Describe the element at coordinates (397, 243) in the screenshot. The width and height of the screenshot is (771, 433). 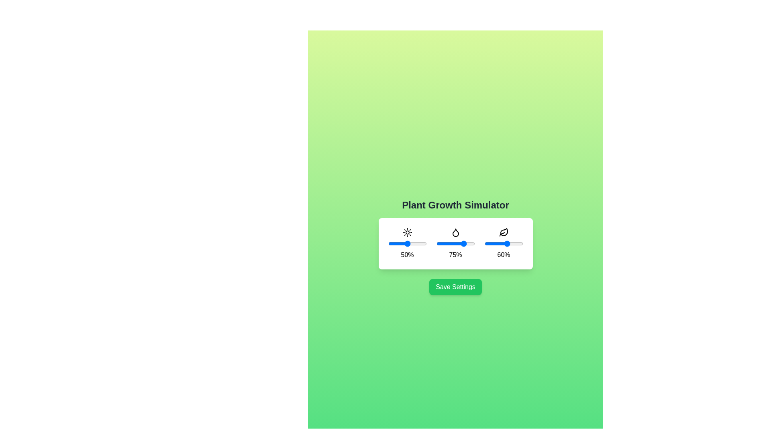
I see `the sunlight slider to 23%` at that location.